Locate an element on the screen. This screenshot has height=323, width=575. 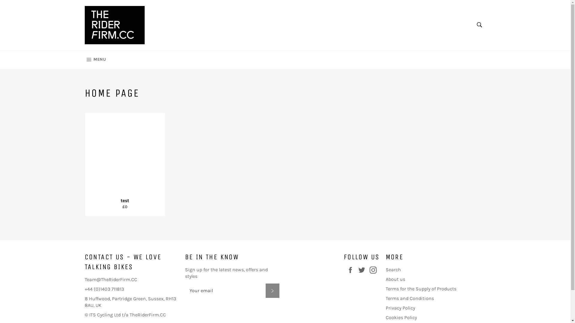
'About us' is located at coordinates (395, 279).